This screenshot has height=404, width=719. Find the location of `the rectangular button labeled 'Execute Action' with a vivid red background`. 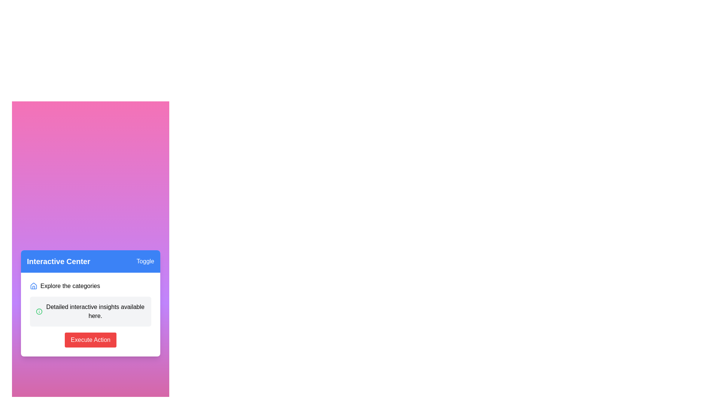

the rectangular button labeled 'Execute Action' with a vivid red background is located at coordinates (90, 340).